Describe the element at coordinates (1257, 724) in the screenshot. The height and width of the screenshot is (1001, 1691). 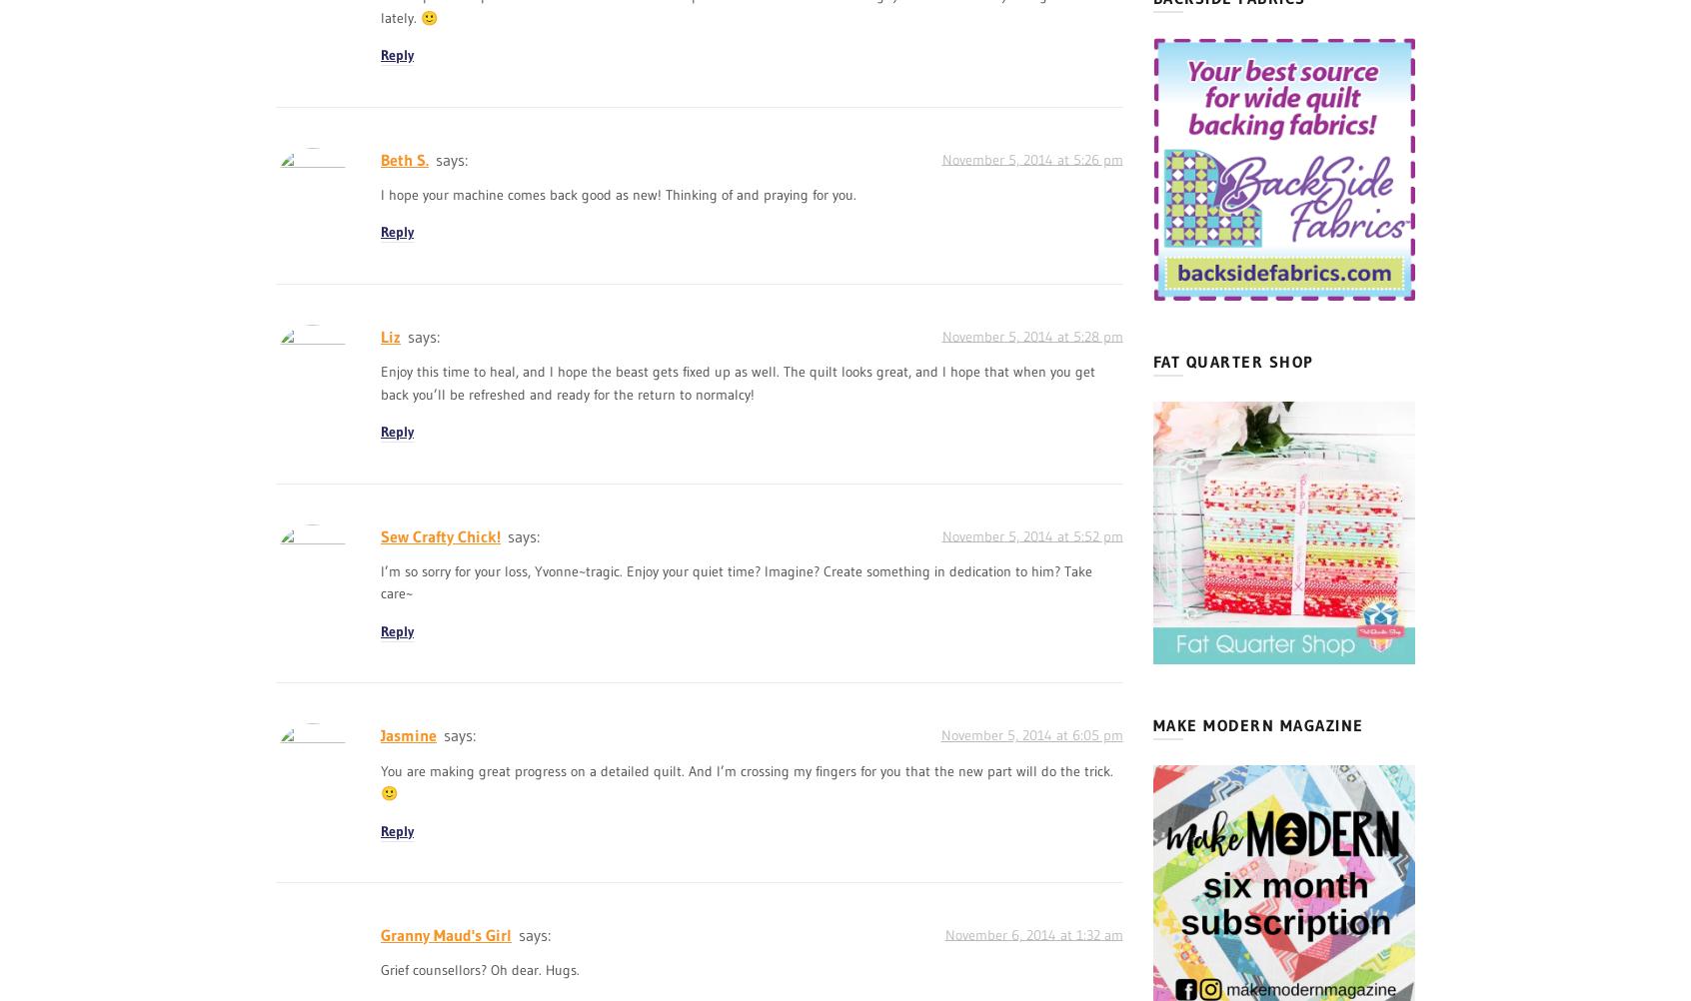
I see `'Make Modern Magazine'` at that location.